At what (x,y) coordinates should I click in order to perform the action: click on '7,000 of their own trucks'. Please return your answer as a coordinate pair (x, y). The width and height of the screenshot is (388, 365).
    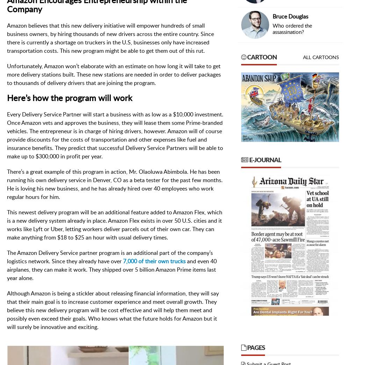
    Looking at the image, I should click on (154, 261).